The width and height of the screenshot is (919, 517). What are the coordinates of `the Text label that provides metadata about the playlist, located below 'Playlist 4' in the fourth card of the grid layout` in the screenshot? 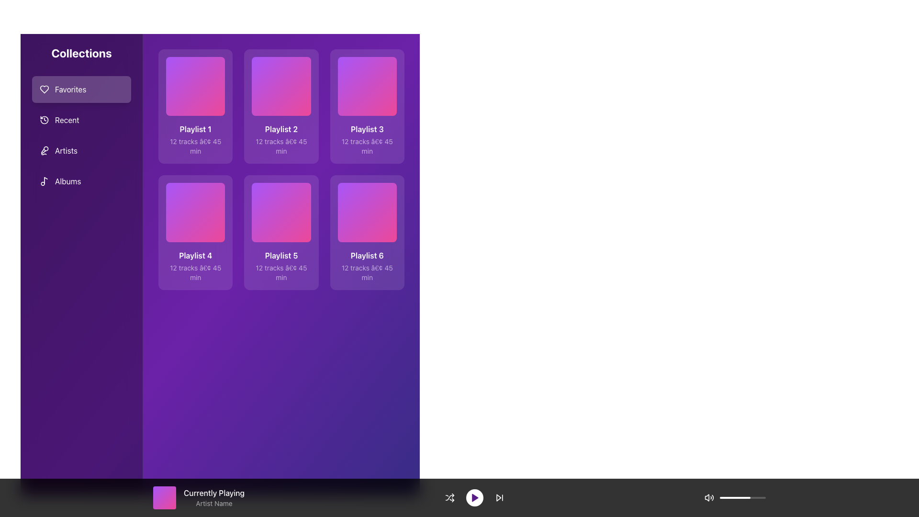 It's located at (195, 272).